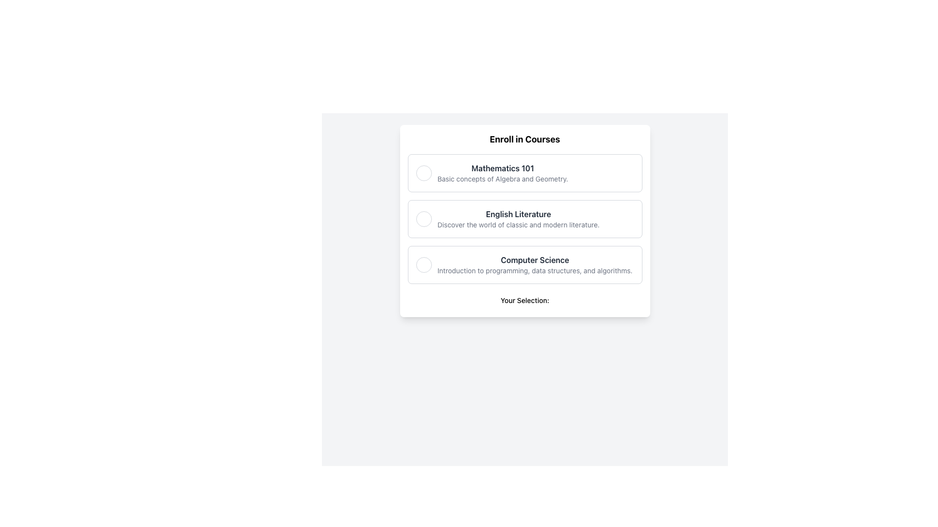 The image size is (938, 527). I want to click on the 'Mathematics 101' text label, which is displayed in a bold font with a dark gray shade at the top of the first option block in a vertical list of course options, so click(503, 167).